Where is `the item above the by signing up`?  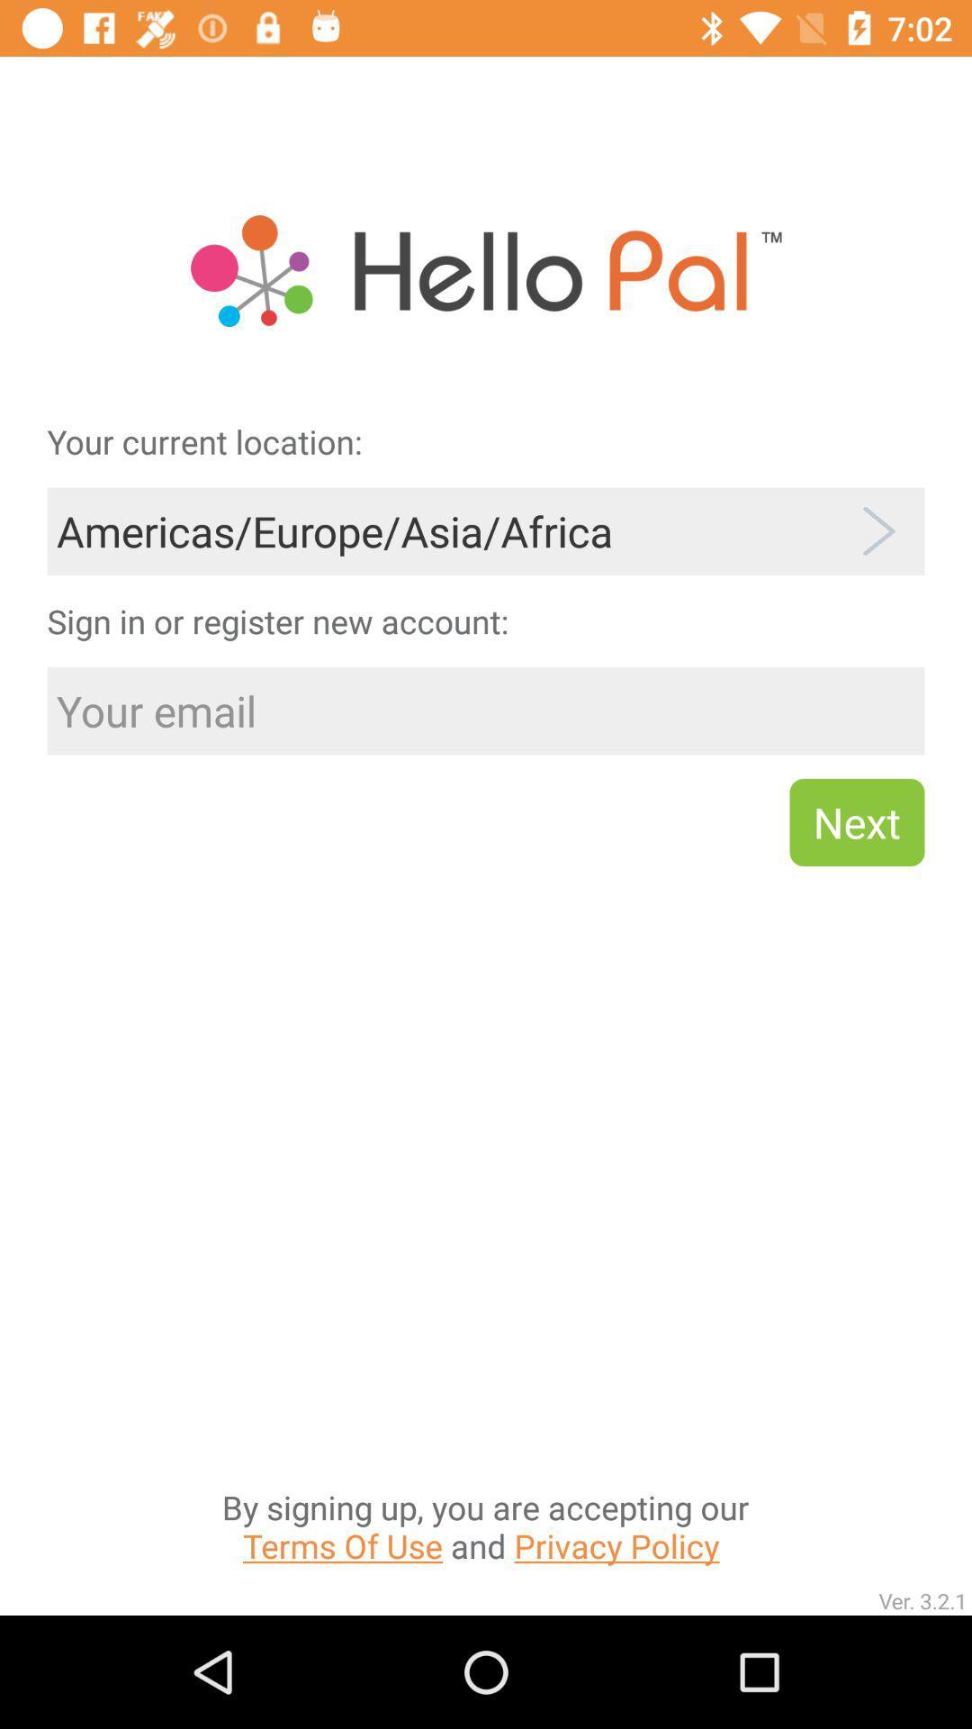 the item above the by signing up is located at coordinates (856, 821).